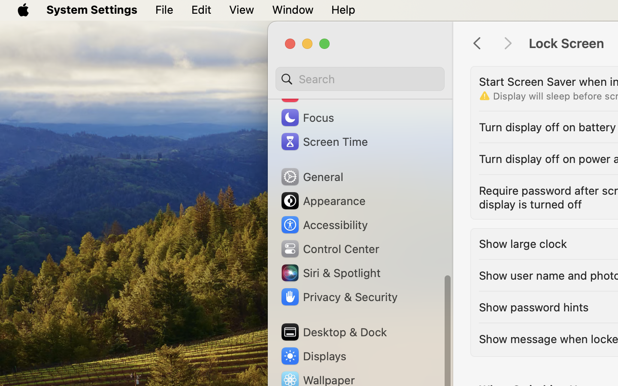 Image resolution: width=618 pixels, height=386 pixels. What do you see at coordinates (329, 248) in the screenshot?
I see `'Control Center'` at bounding box center [329, 248].